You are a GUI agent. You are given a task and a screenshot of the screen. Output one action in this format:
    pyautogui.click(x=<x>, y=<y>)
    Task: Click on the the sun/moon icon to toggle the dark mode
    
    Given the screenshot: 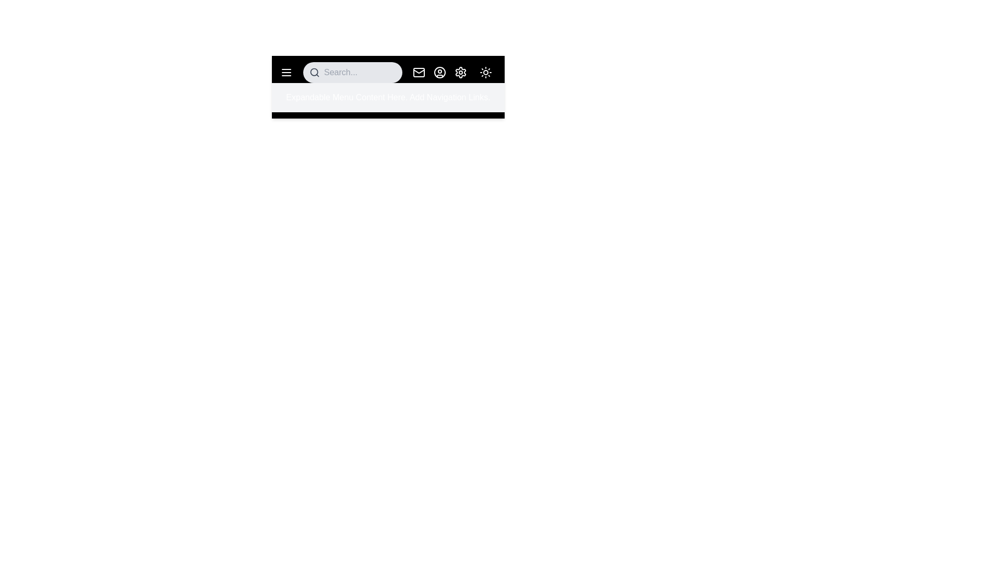 What is the action you would take?
    pyautogui.click(x=485, y=72)
    